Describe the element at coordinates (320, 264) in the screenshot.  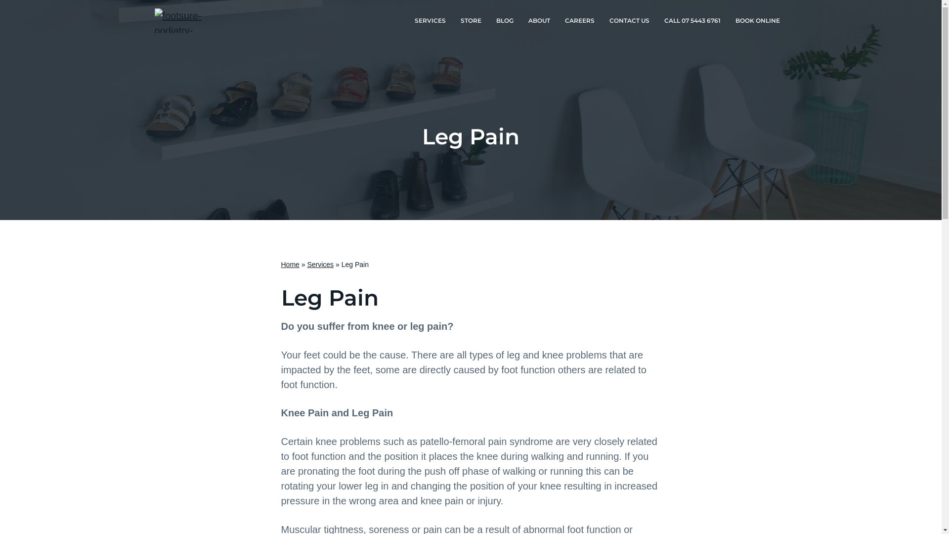
I see `'Services'` at that location.